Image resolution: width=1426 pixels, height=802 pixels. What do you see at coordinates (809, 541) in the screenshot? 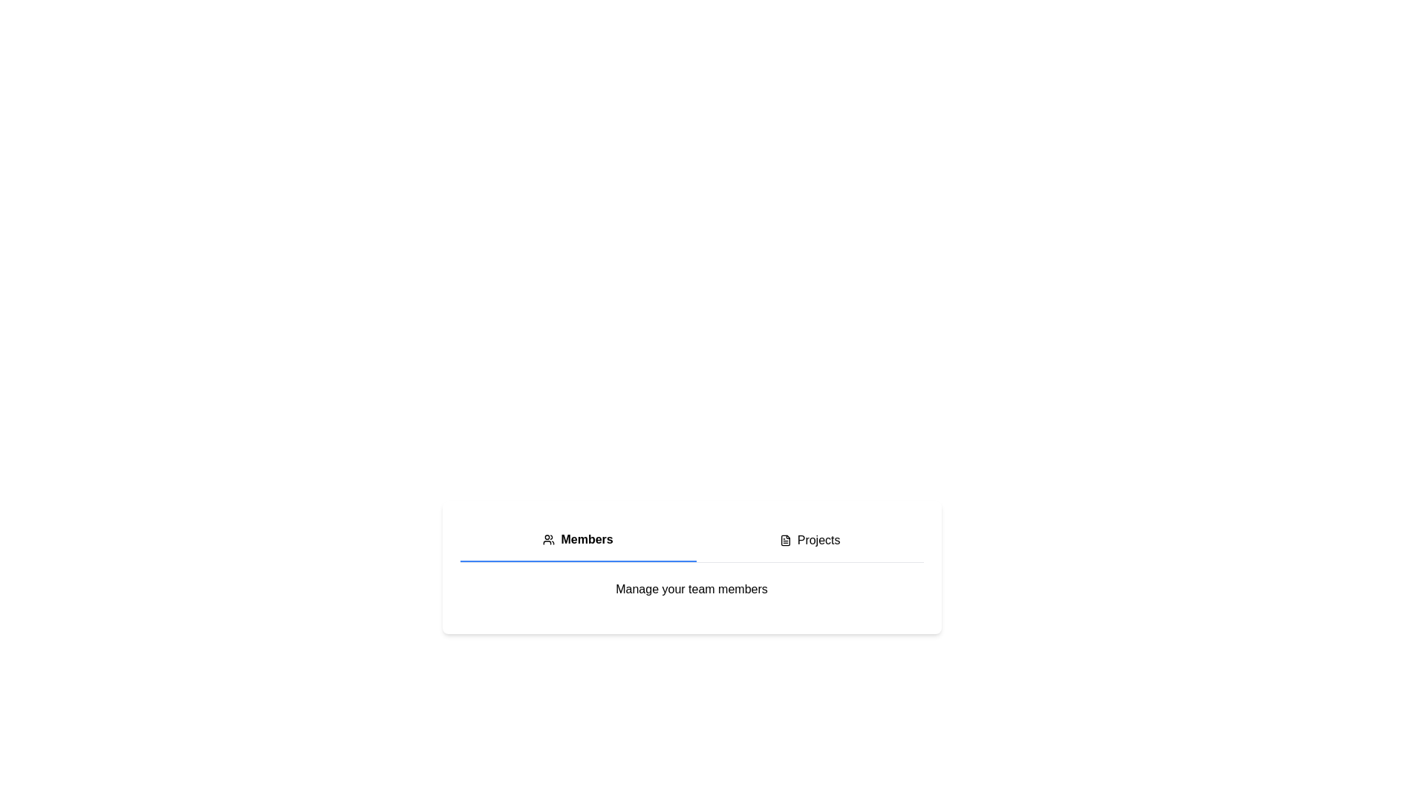
I see `the 'Projects' button, which is styled in bold text and accompanied by a document icon, located in the bottom-right section of the interface` at bounding box center [809, 541].